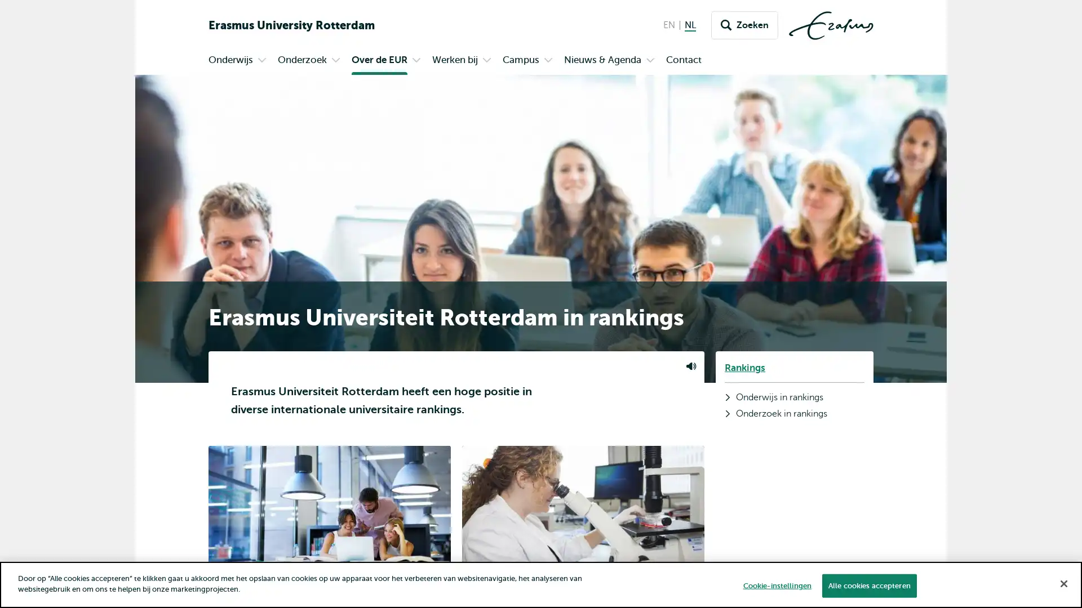 Image resolution: width=1082 pixels, height=608 pixels. What do you see at coordinates (416, 61) in the screenshot?
I see `Open submenu` at bounding box center [416, 61].